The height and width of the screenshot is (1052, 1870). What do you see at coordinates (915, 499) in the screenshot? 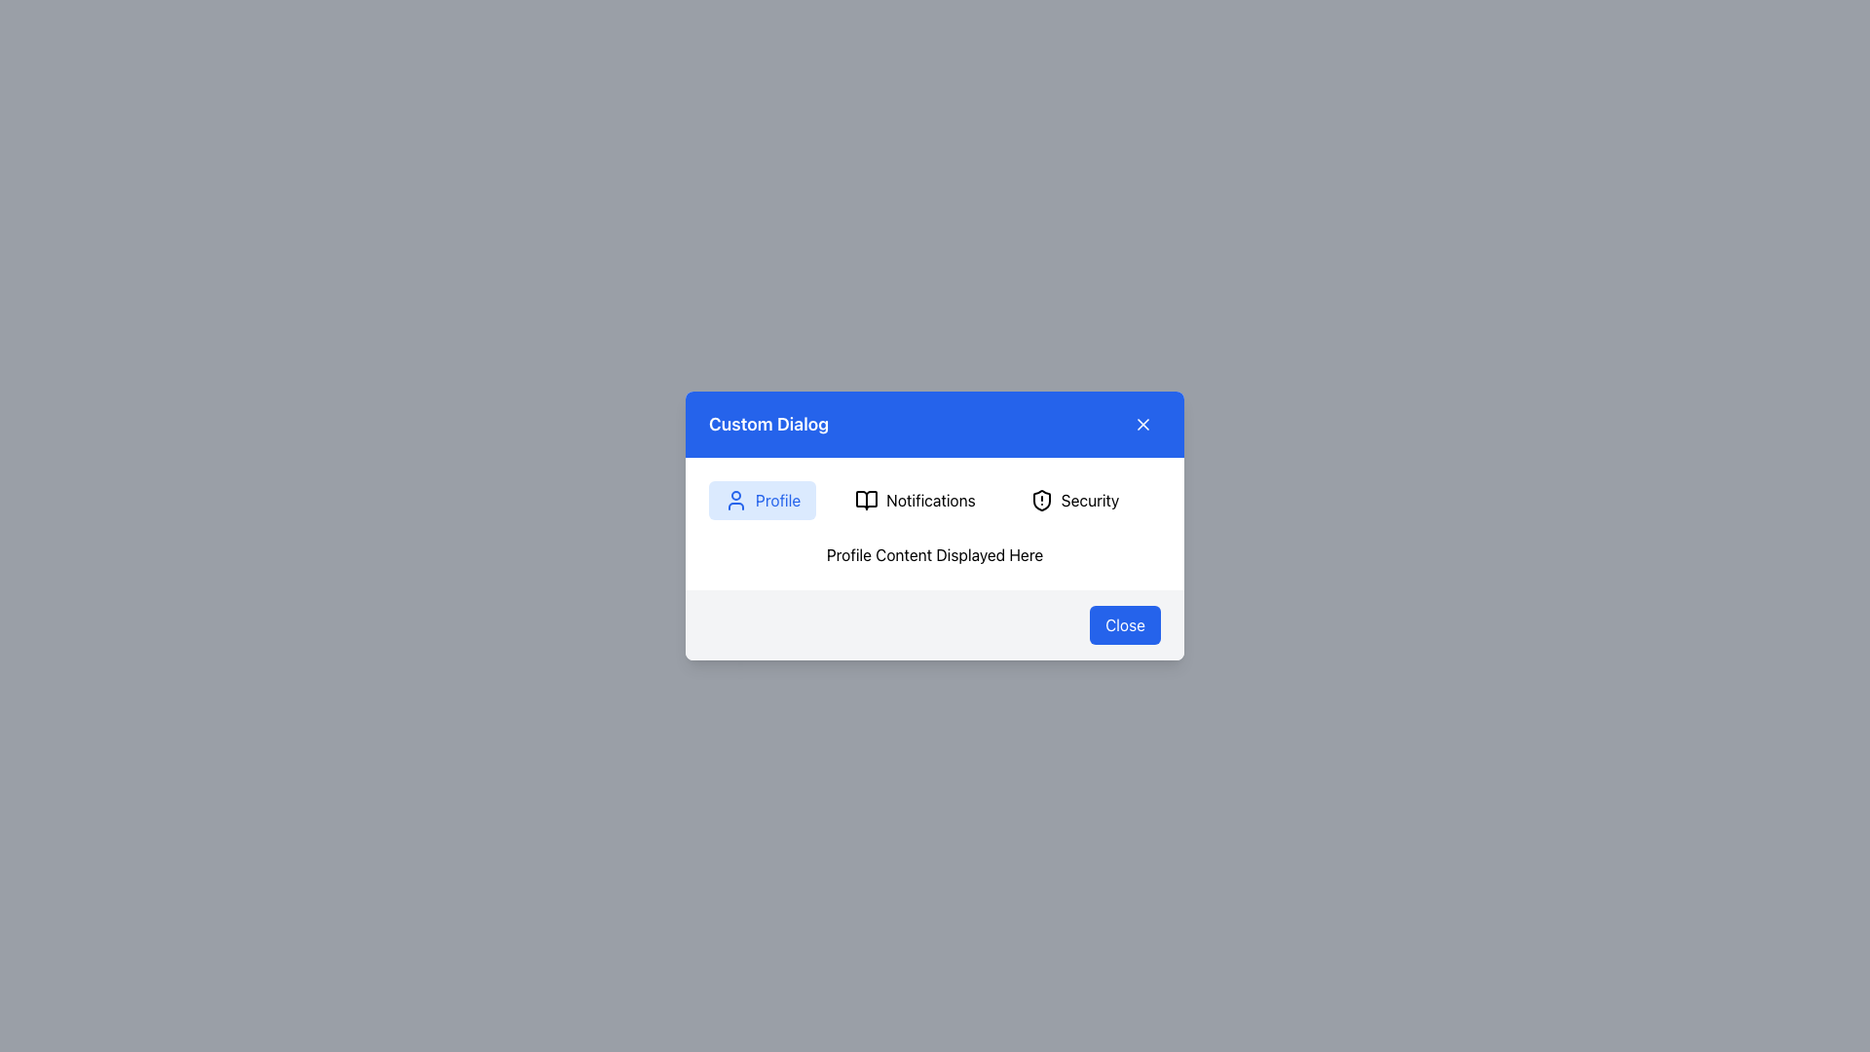
I see `the 'Notifications' button in the horizontal navigation bar` at bounding box center [915, 499].